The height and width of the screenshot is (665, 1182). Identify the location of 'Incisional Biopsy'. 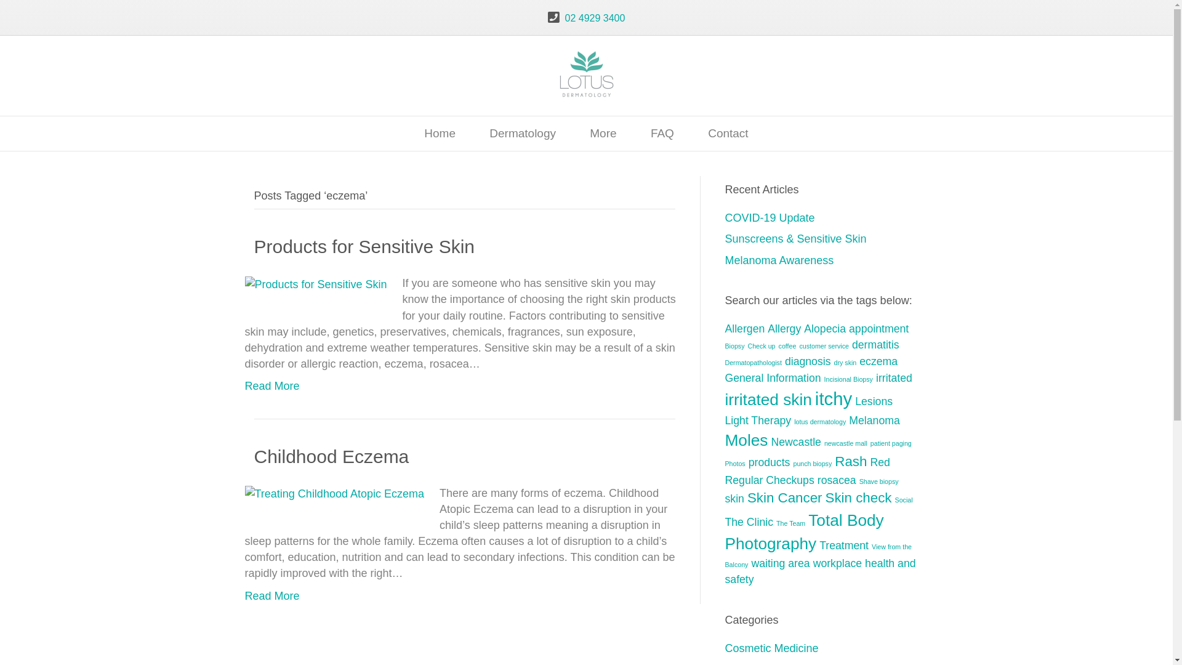
(848, 379).